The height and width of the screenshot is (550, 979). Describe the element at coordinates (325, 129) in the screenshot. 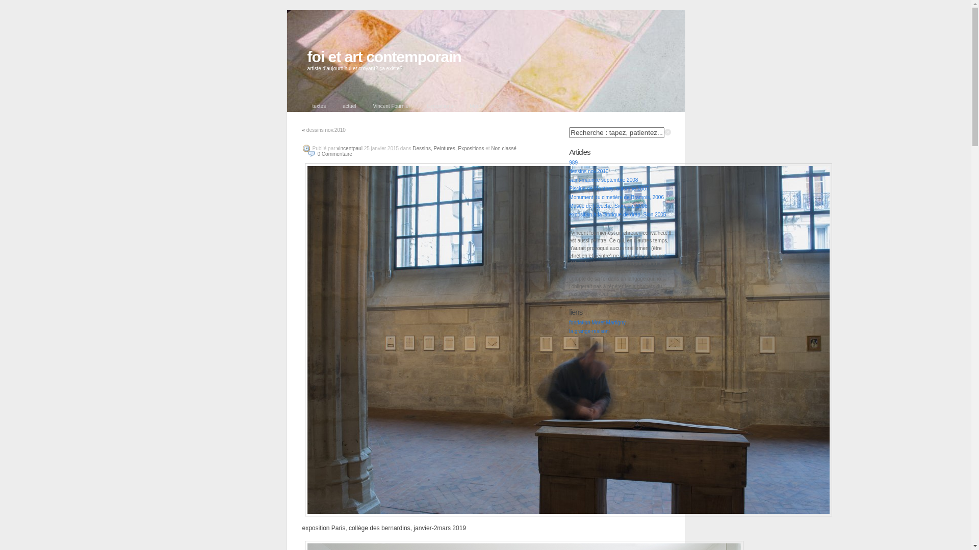

I see `'dessins nov.2010'` at that location.